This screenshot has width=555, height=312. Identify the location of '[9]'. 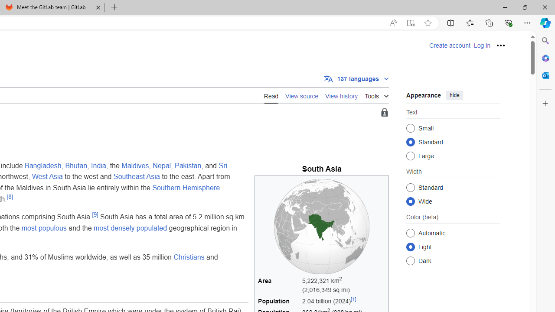
(95, 214).